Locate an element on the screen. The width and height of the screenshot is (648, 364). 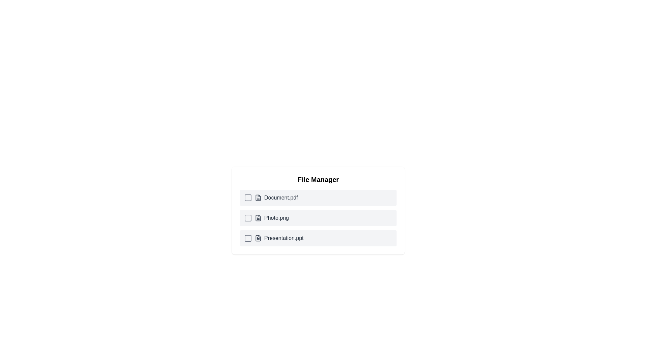
the text 'Document.pdf' from the text label displayed in dark gray color, positioned in the first row of the file list within the file manager interface is located at coordinates (281, 197).